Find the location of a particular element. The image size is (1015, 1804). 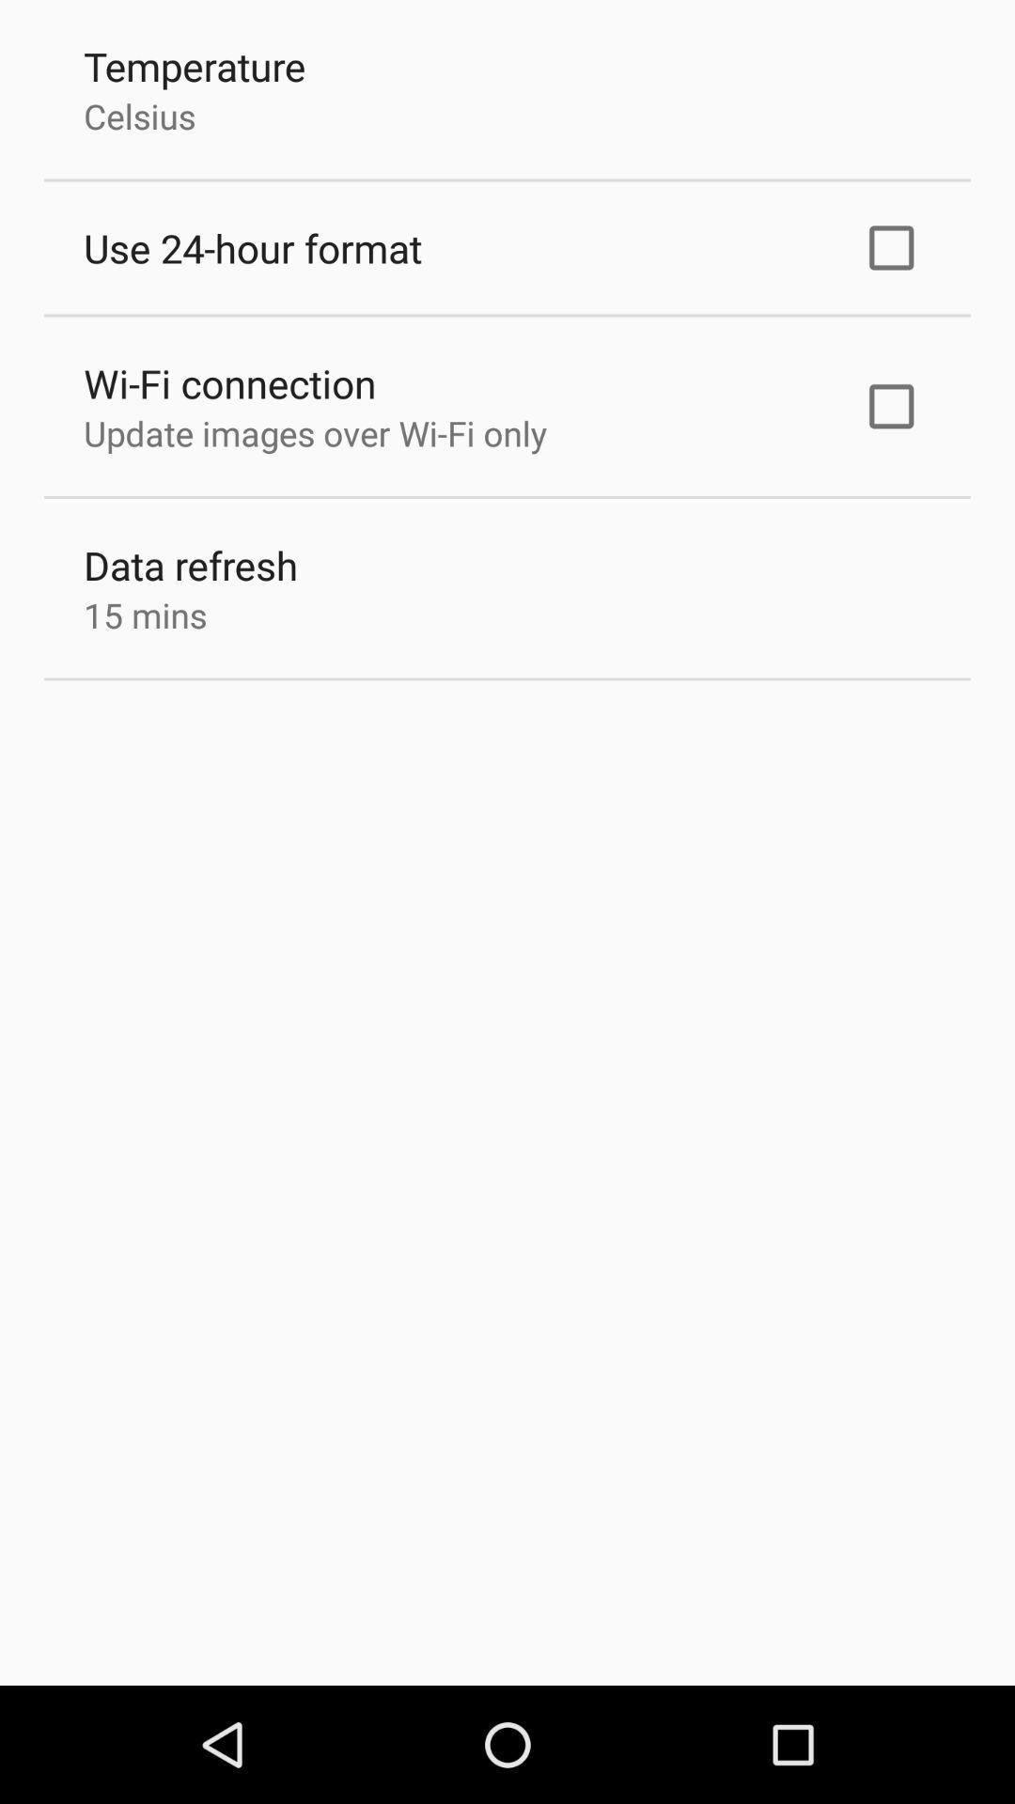

the use 24 hour icon is located at coordinates (252, 247).